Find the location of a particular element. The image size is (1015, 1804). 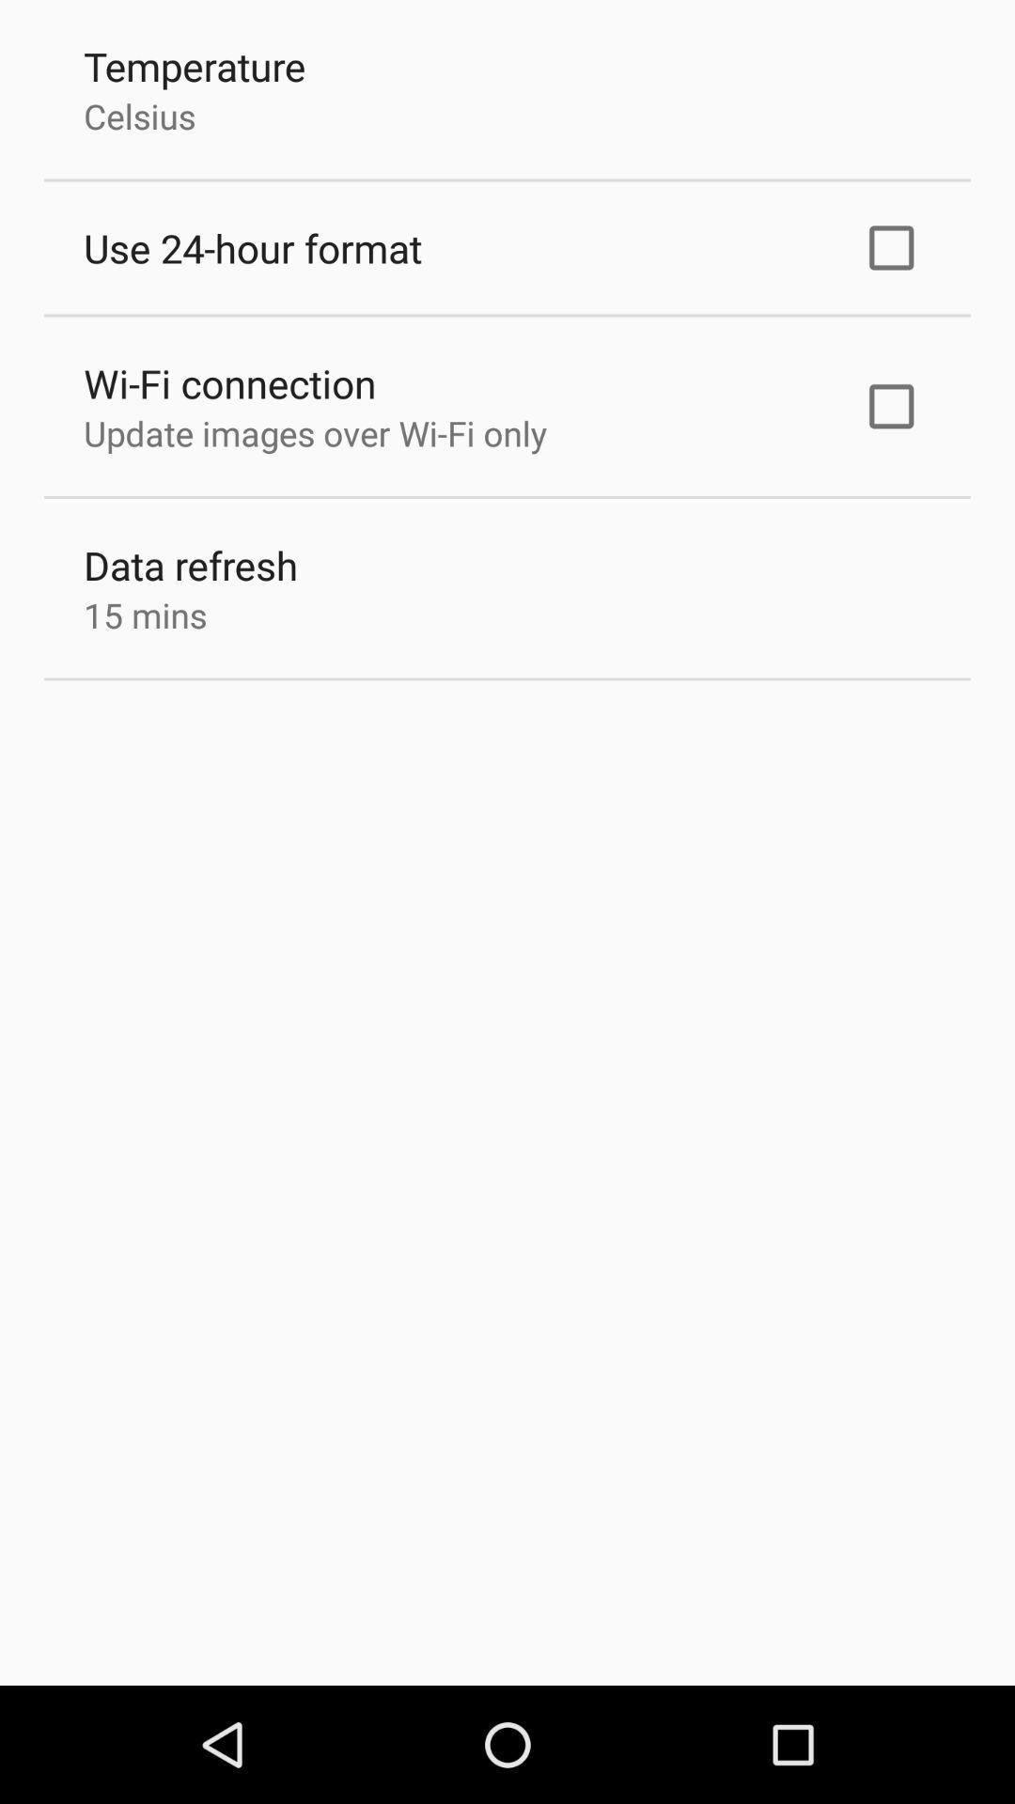

the use 24 hour icon is located at coordinates (252, 247).